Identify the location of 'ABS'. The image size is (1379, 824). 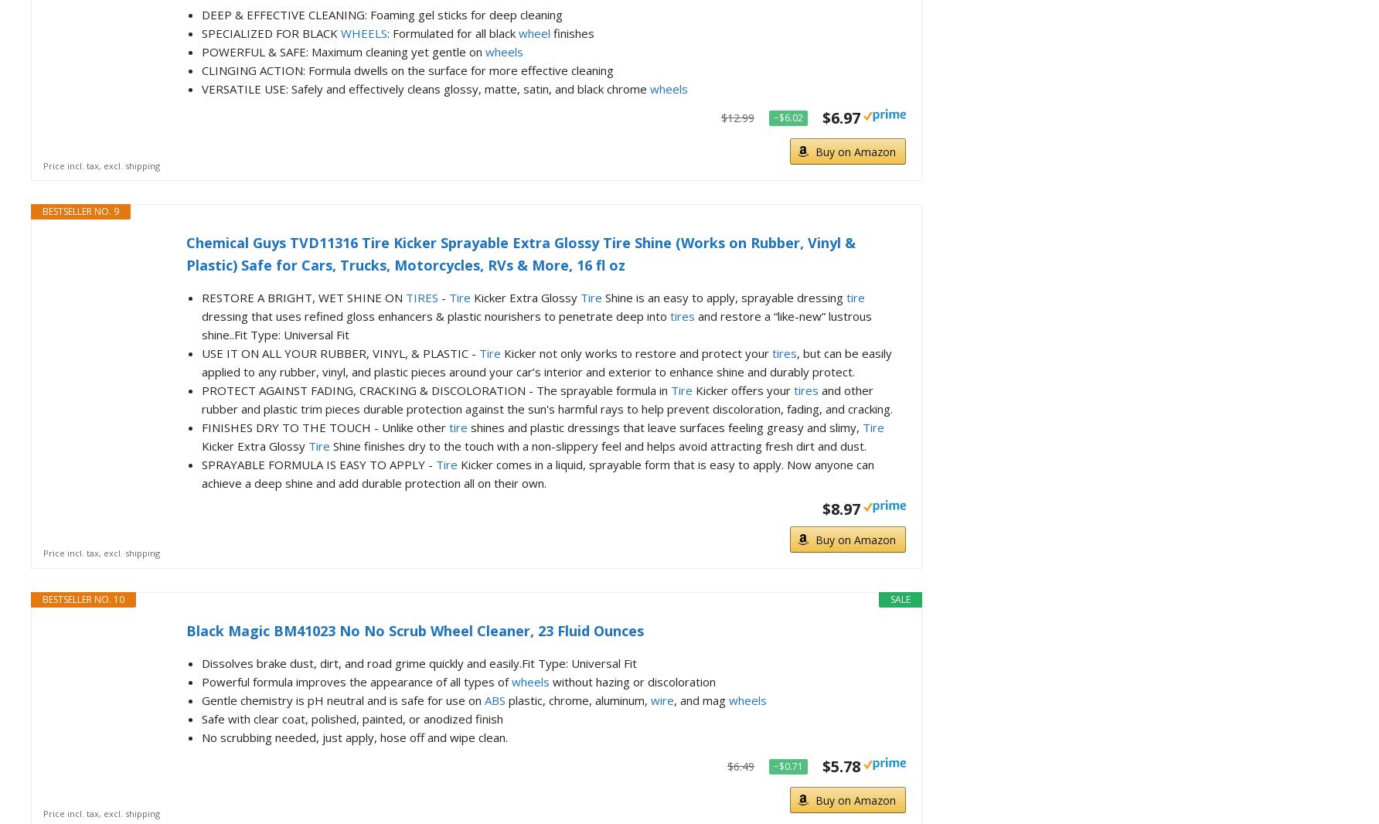
(494, 700).